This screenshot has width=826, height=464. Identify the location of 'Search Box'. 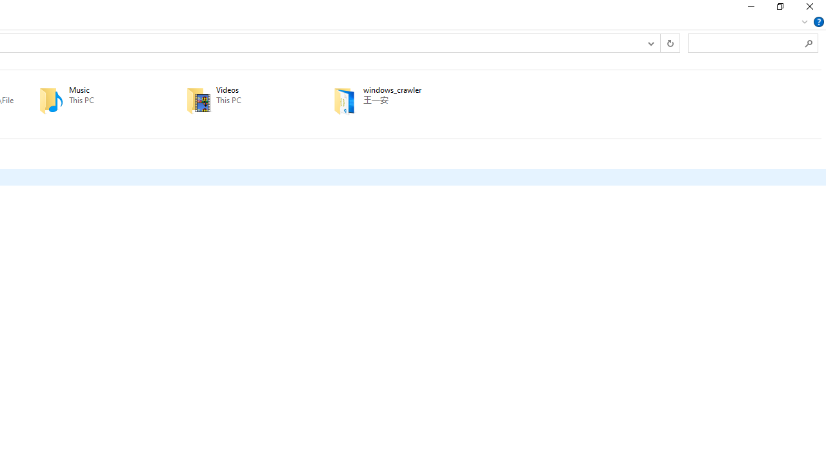
(747, 42).